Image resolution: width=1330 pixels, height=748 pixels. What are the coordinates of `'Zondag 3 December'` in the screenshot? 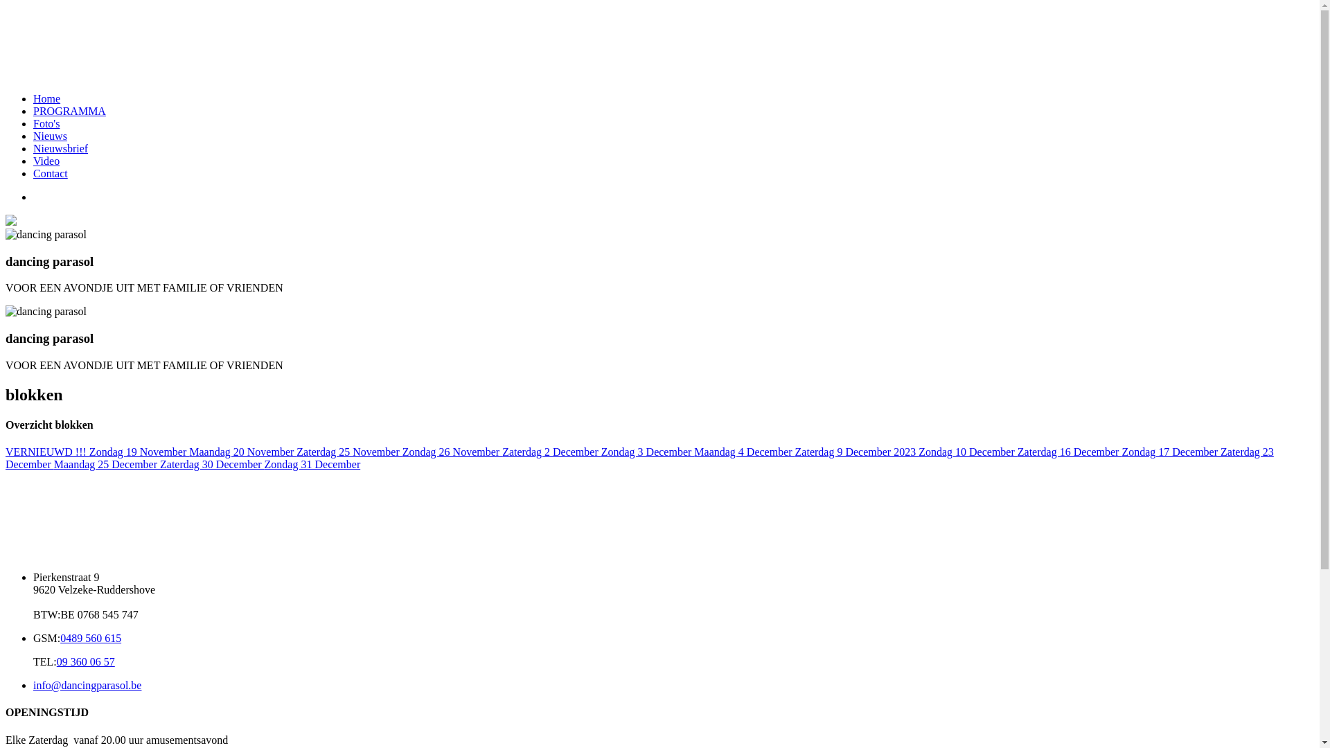 It's located at (647, 452).